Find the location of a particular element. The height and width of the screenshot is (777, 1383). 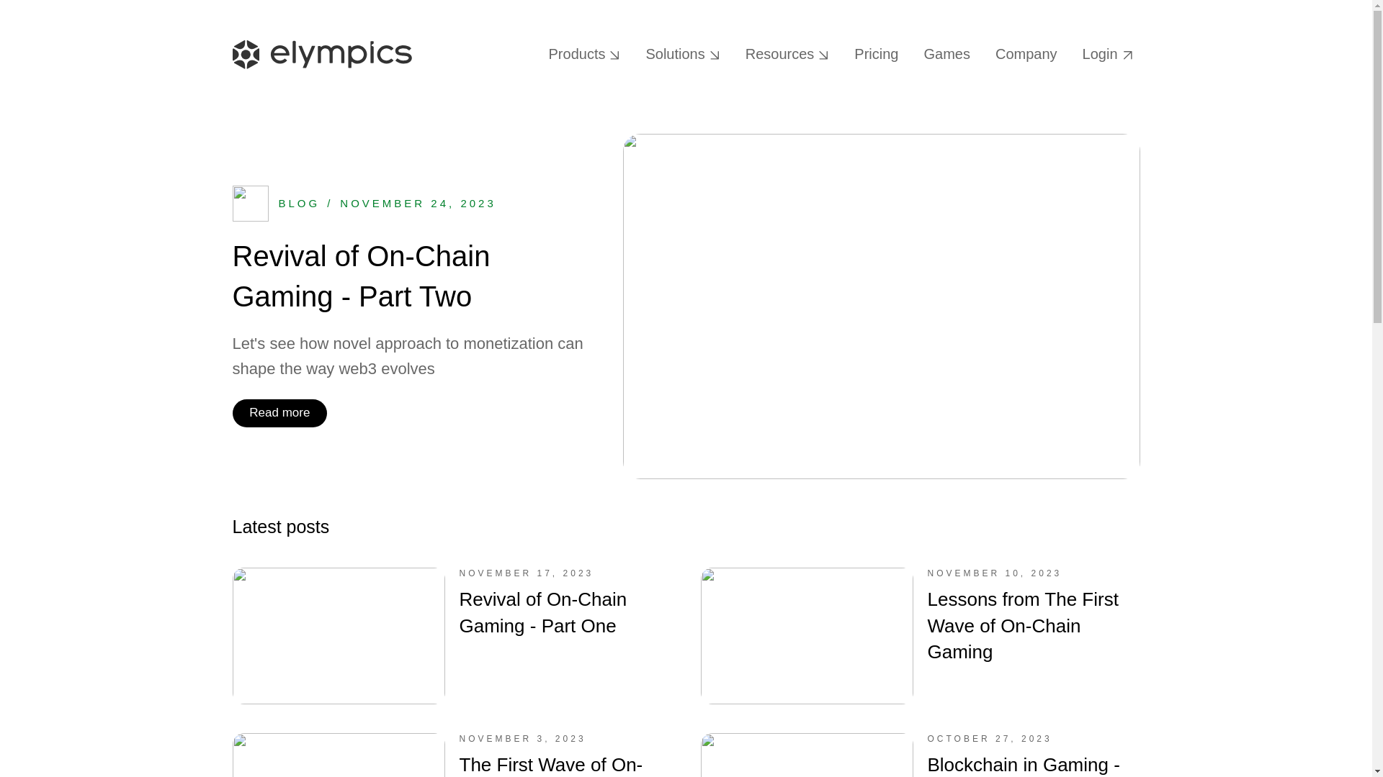

'NOVEMBER 17, 2023 is located at coordinates (231, 635).